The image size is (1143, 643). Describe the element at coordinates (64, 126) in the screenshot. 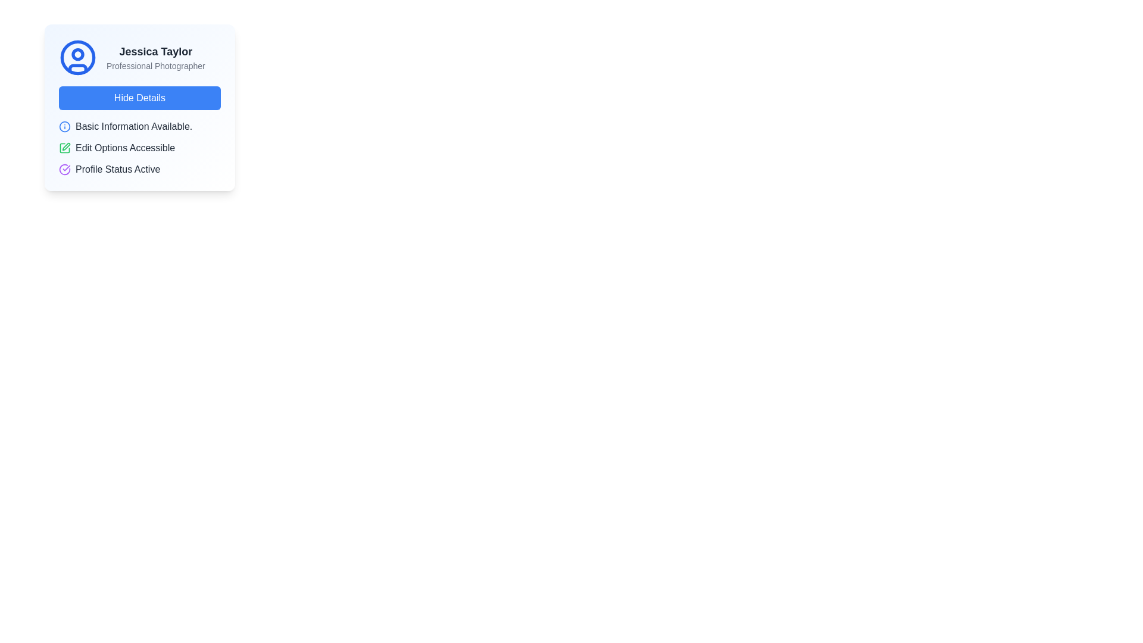

I see `the blue informational SVG circle icon, which has a solid border and is located to the left of the text 'Basic Information Available.'` at that location.